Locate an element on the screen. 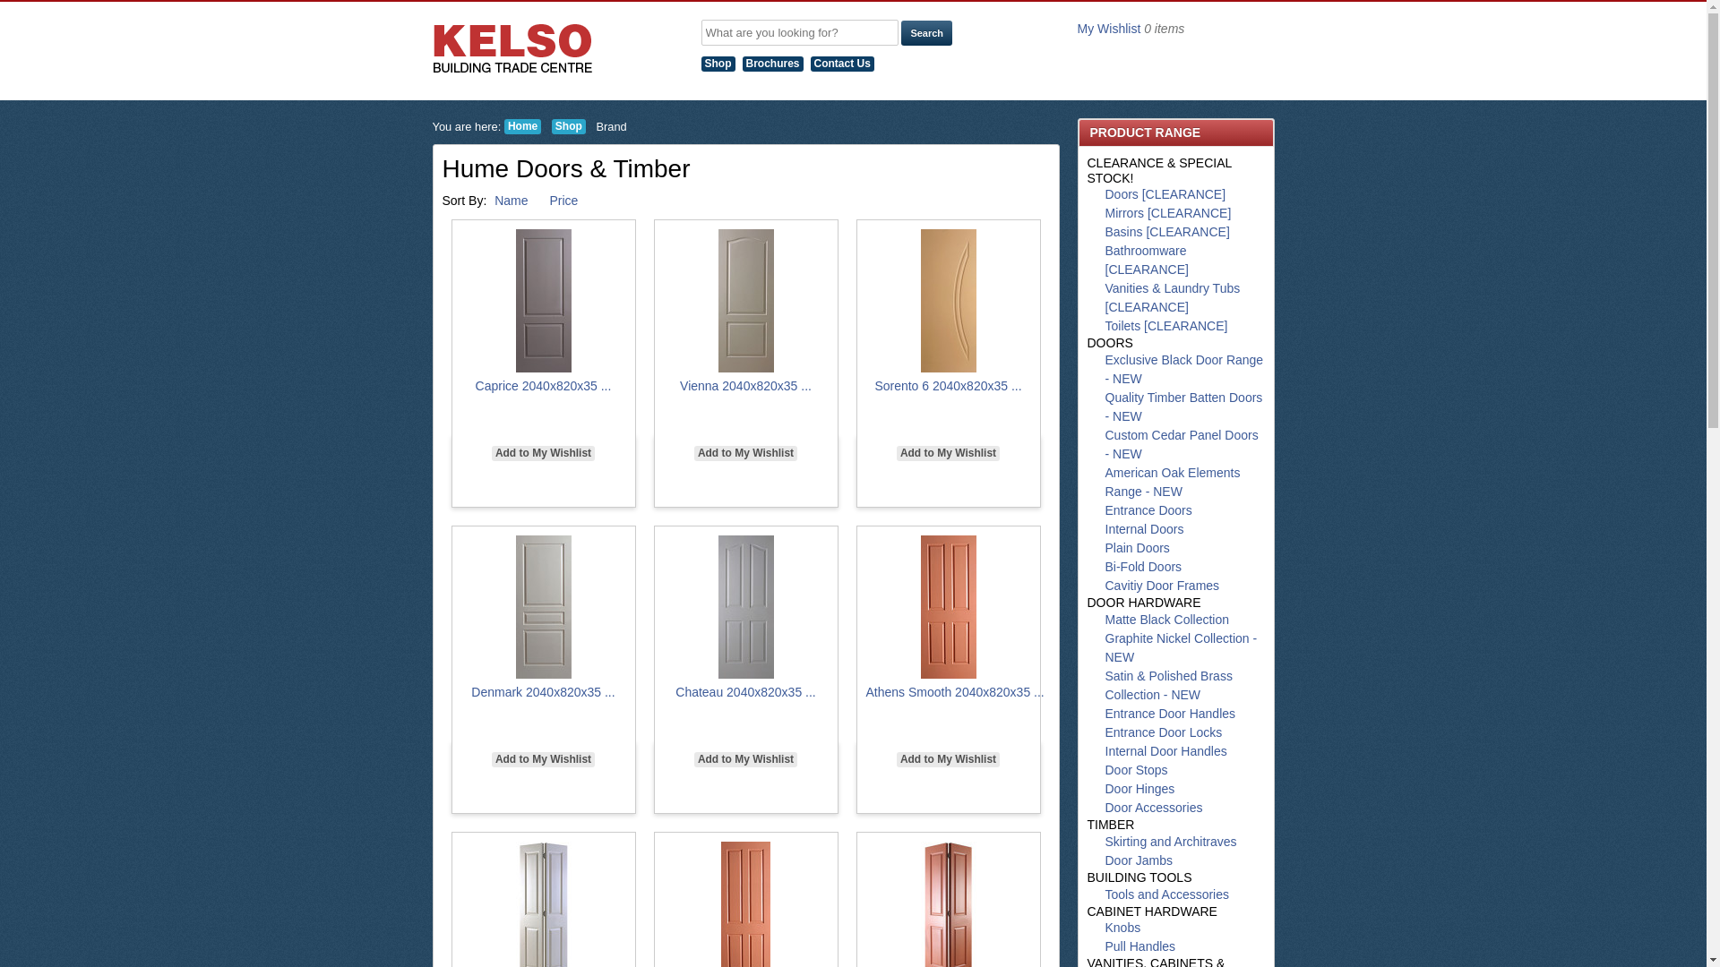  'Vienna 2040x820x35 ...' is located at coordinates (678, 385).